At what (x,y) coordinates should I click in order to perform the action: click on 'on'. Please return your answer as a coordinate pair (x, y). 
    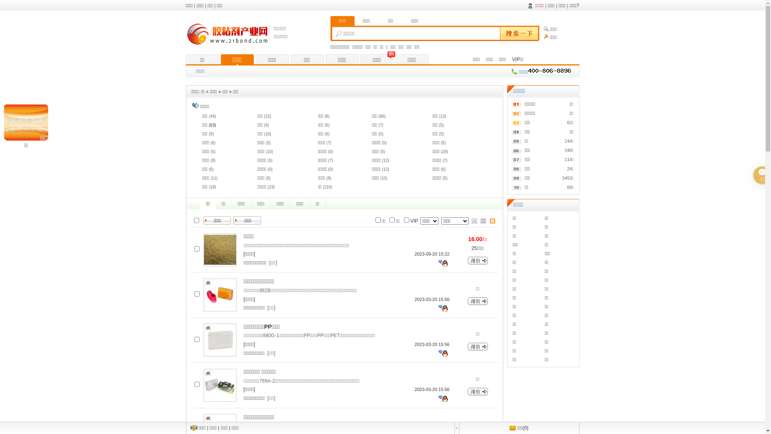
    Looking at the image, I should click on (194, 220).